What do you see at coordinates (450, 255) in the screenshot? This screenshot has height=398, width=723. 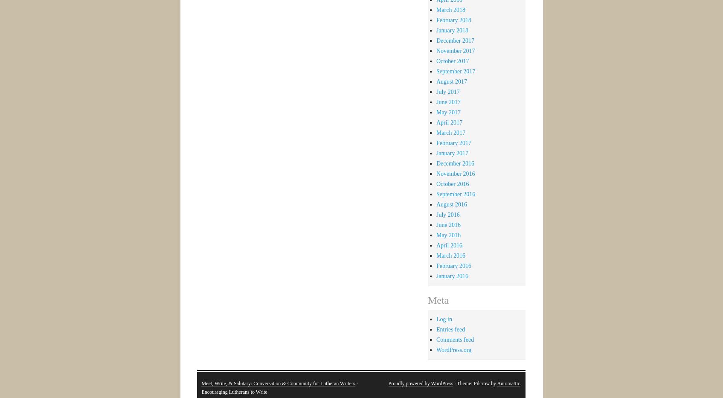 I see `'March 2016'` at bounding box center [450, 255].